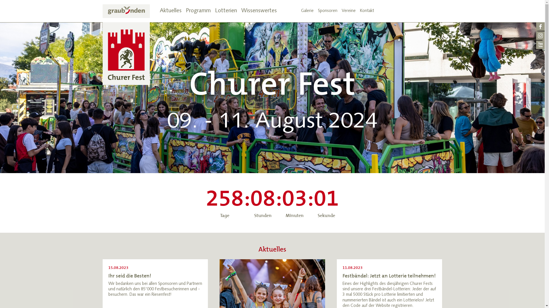 The height and width of the screenshot is (308, 549). I want to click on 'zu unserem YouTube-Kanal', so click(540, 45).